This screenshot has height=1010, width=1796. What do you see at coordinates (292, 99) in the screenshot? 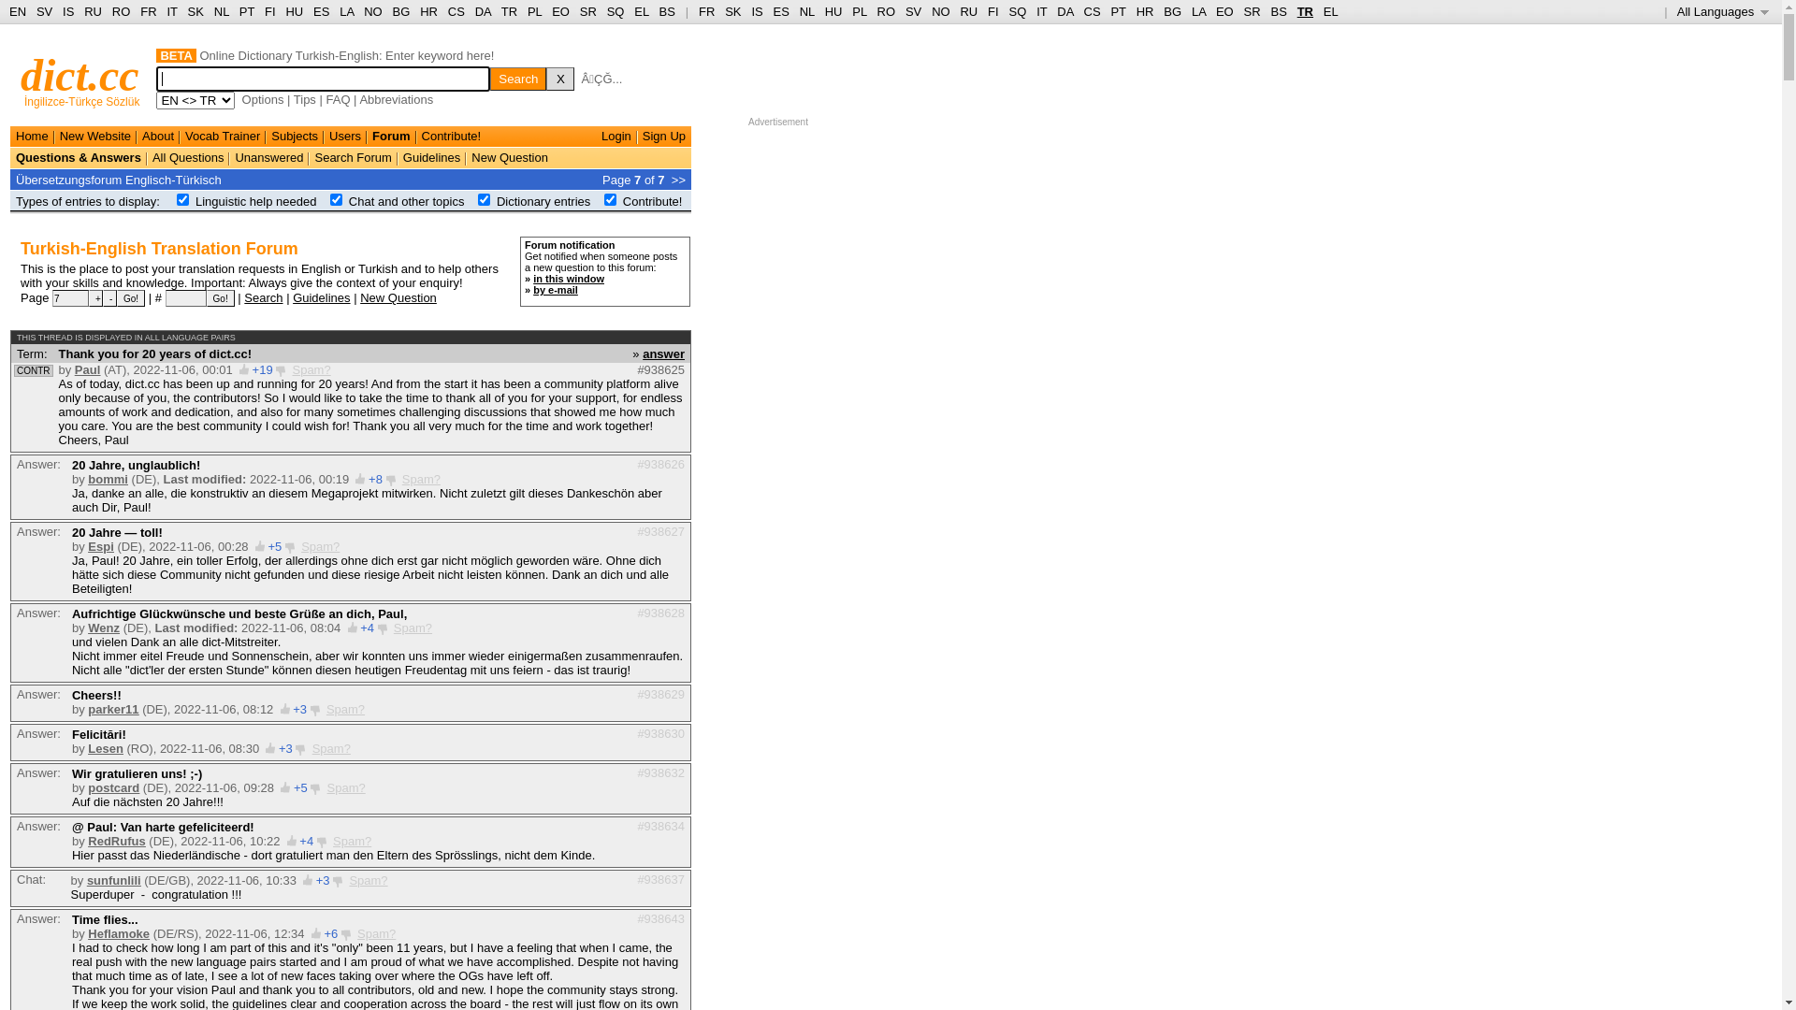
I see `'Tips'` at bounding box center [292, 99].